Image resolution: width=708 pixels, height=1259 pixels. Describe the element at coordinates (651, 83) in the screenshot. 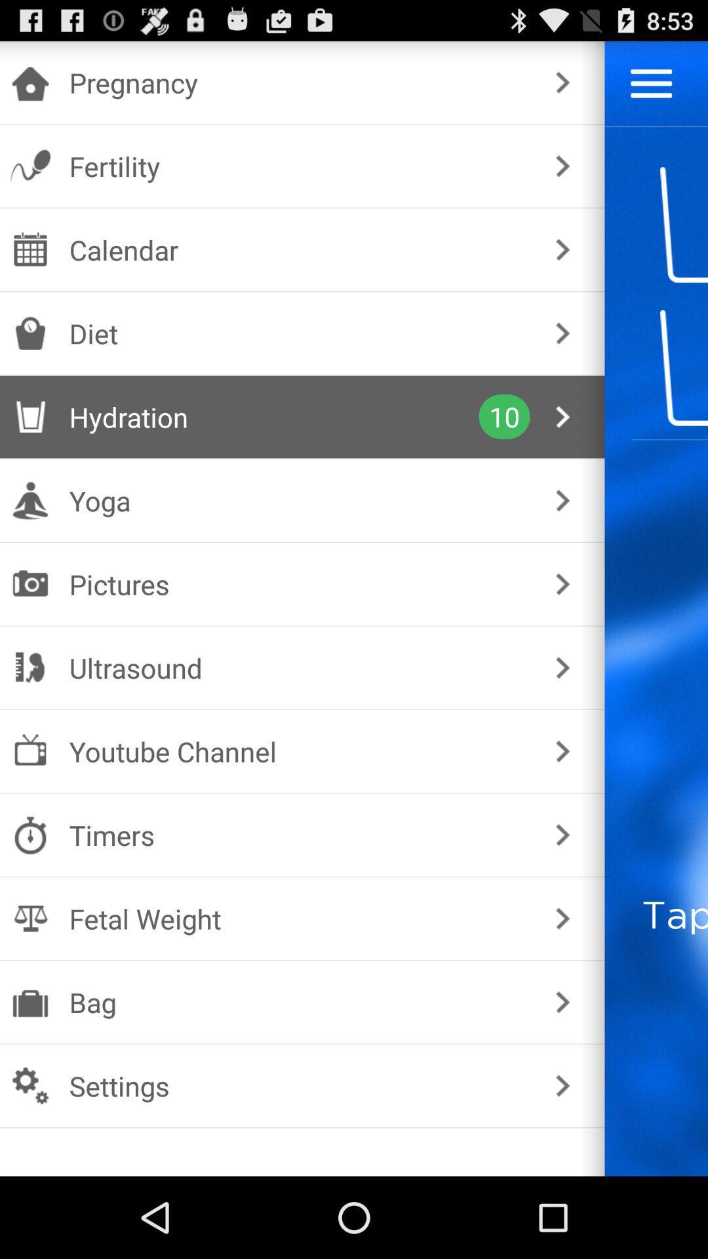

I see `menu` at that location.